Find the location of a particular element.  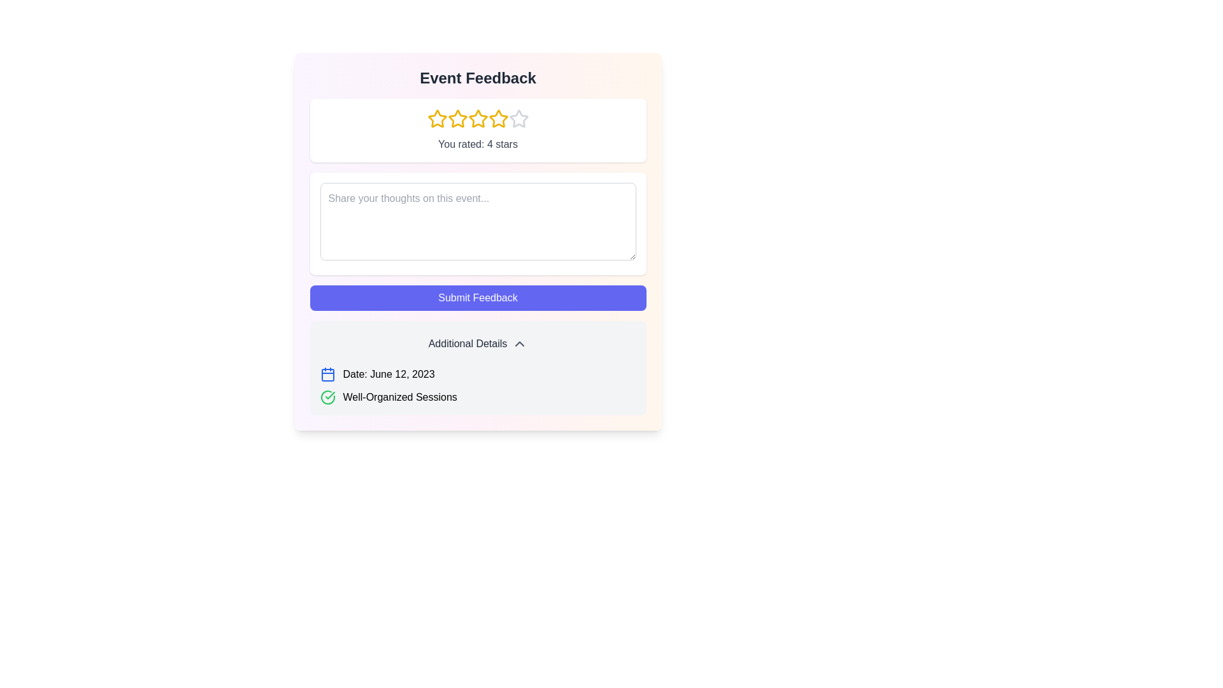

the third star icon in the rating system located below the 'Event Feedback' header is located at coordinates (457, 118).